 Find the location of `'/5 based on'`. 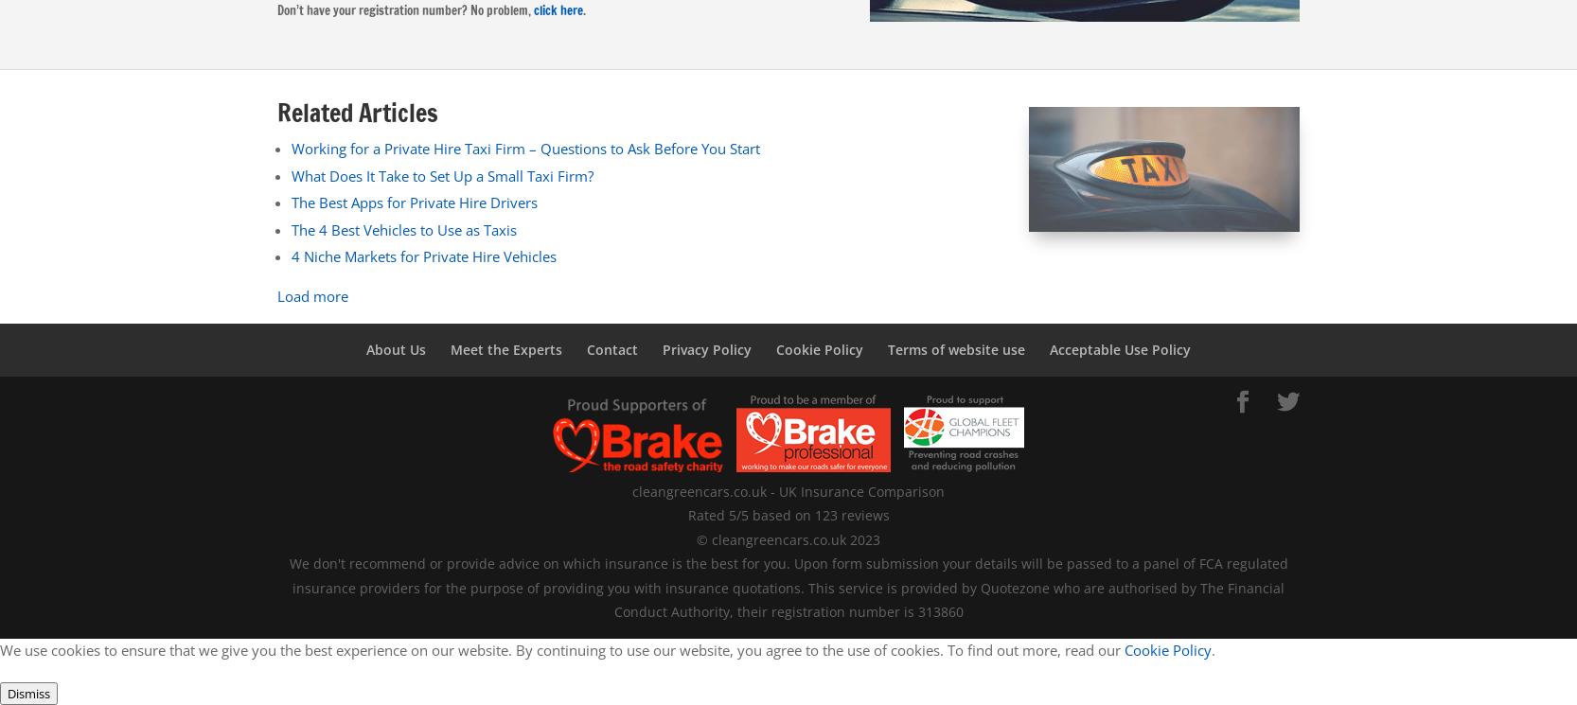

'/5 based on' is located at coordinates (773, 515).